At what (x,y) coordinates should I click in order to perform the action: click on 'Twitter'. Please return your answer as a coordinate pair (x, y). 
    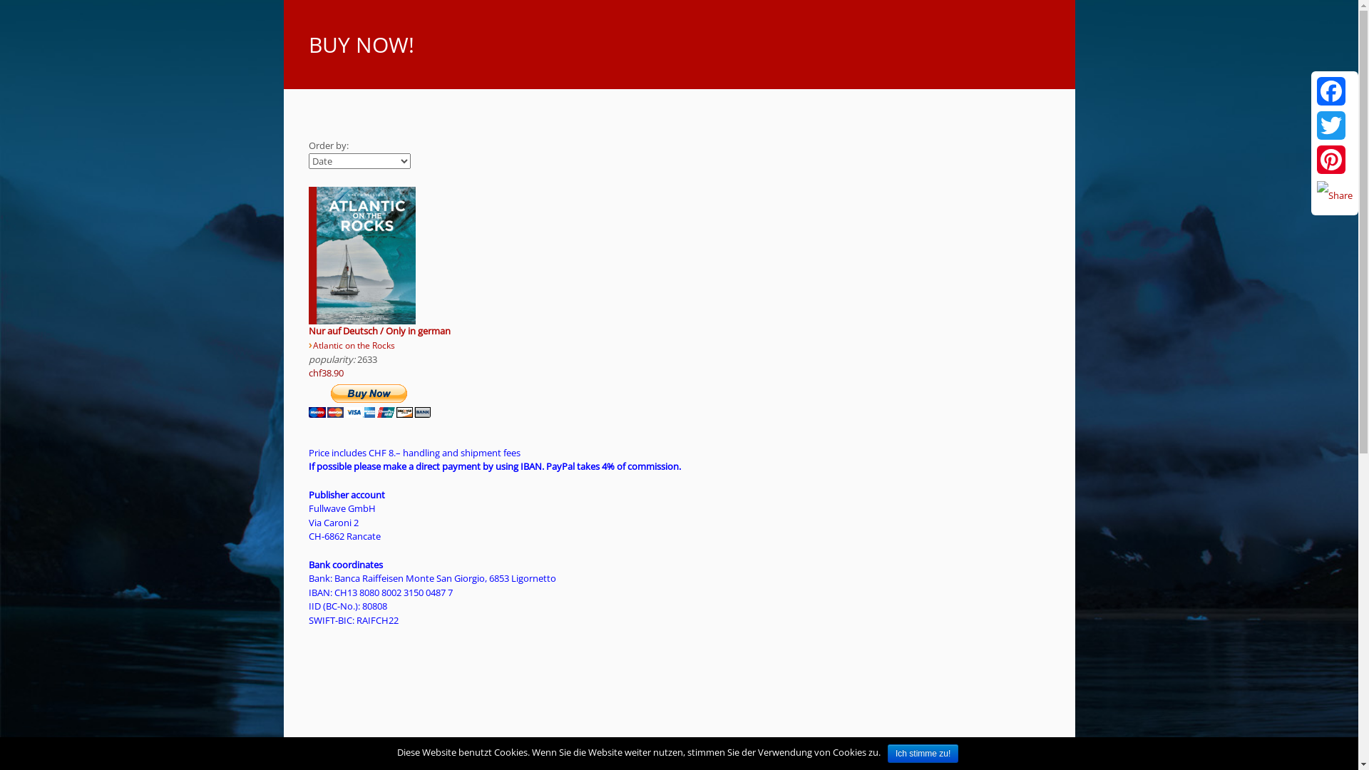
    Looking at the image, I should click on (1313, 125).